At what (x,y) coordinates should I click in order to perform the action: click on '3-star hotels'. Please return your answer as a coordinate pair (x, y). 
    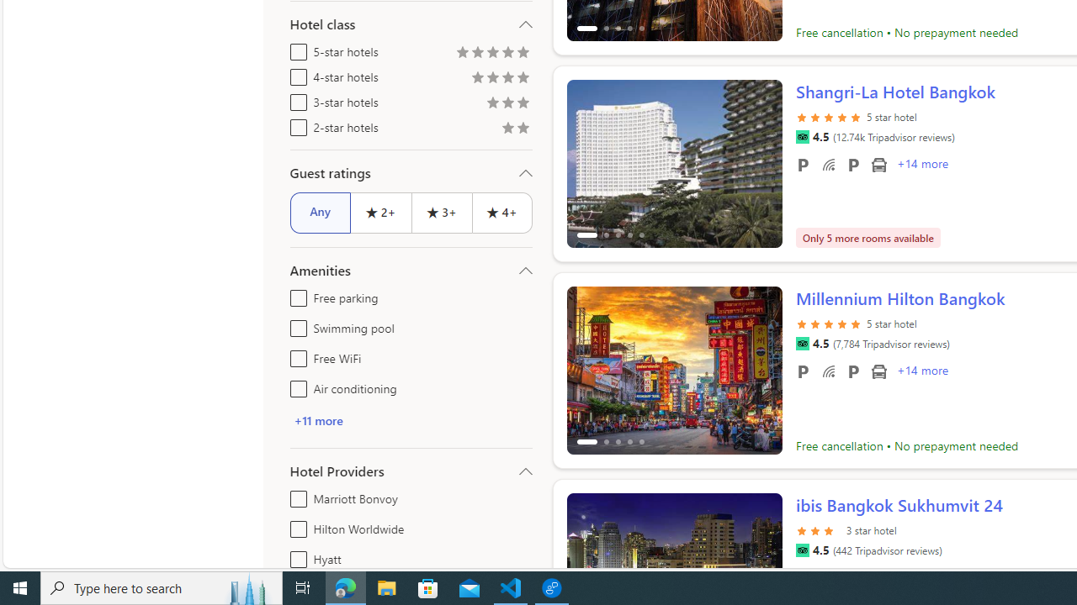
    Looking at the image, I should click on (295, 99).